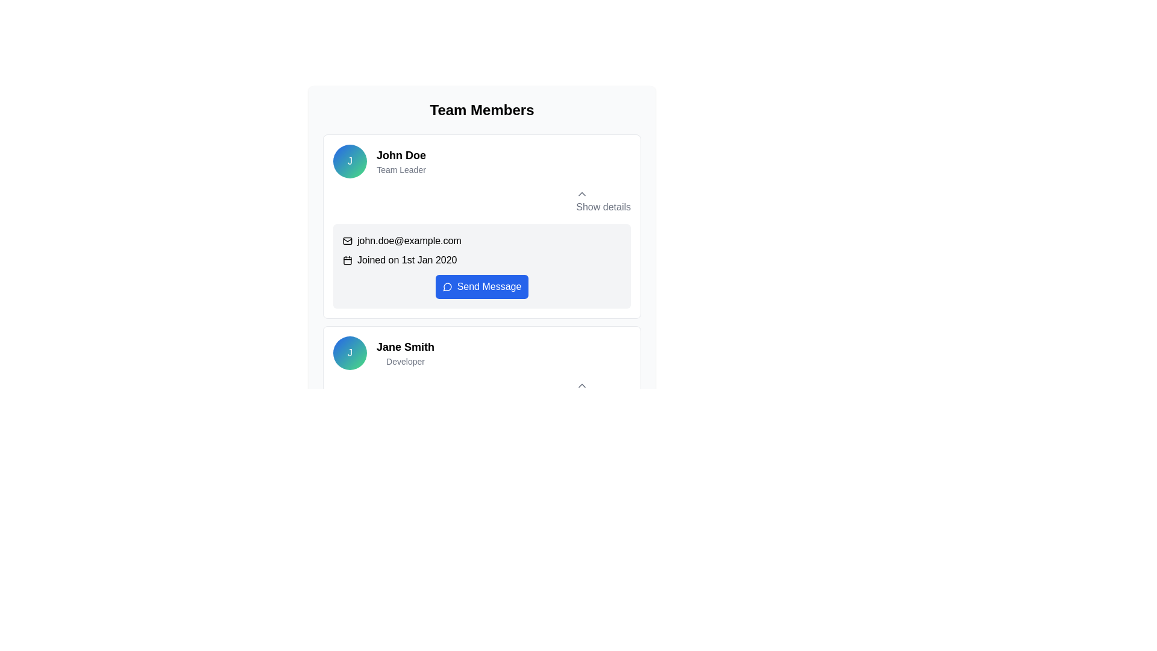 Image resolution: width=1157 pixels, height=651 pixels. What do you see at coordinates (401, 169) in the screenshot?
I see `the job title text element displaying 'John Doe's role' in the upper profile card of the team member list` at bounding box center [401, 169].